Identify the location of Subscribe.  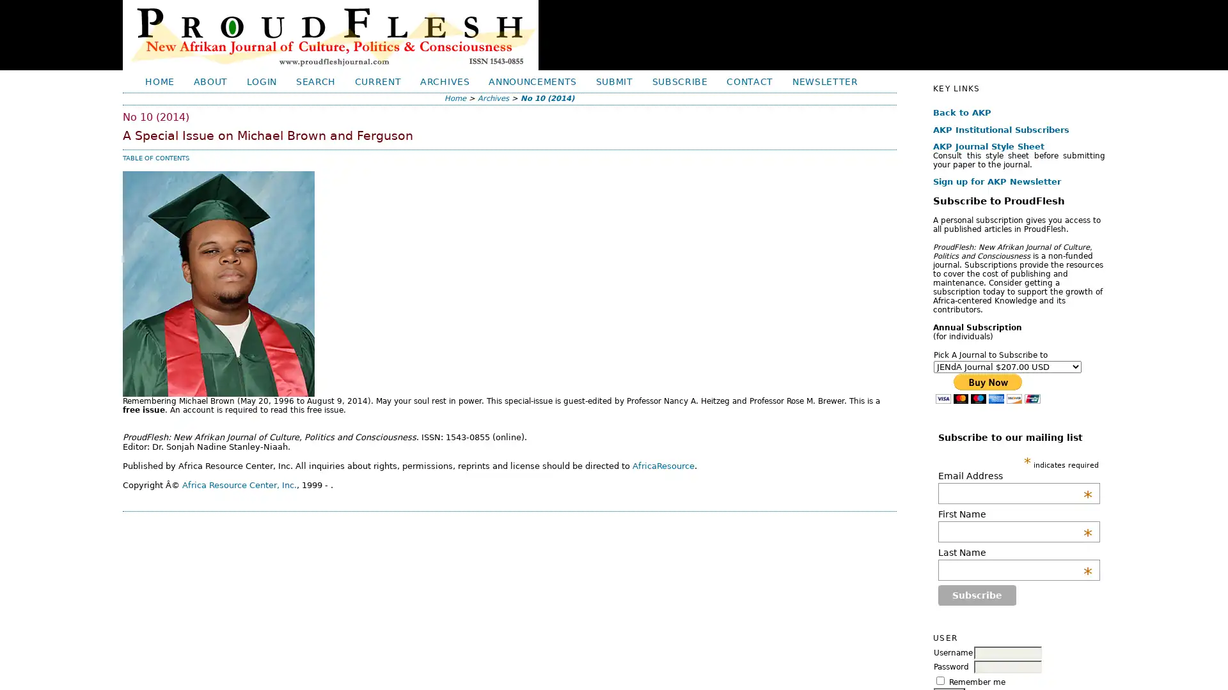
(976, 595).